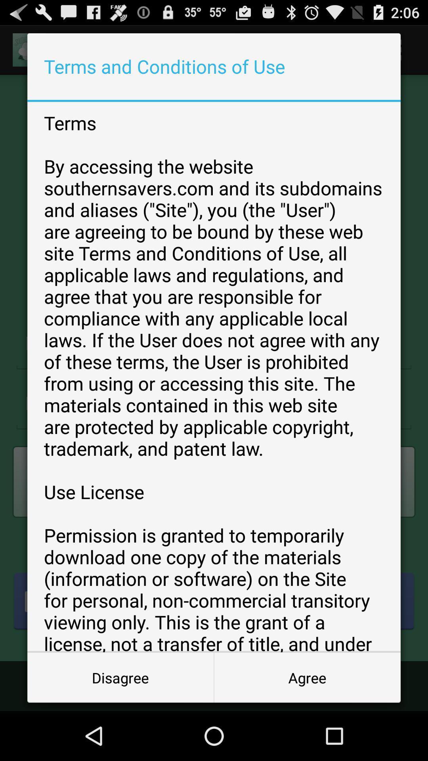 The height and width of the screenshot is (761, 428). I want to click on the icon next to the disagree icon, so click(307, 677).